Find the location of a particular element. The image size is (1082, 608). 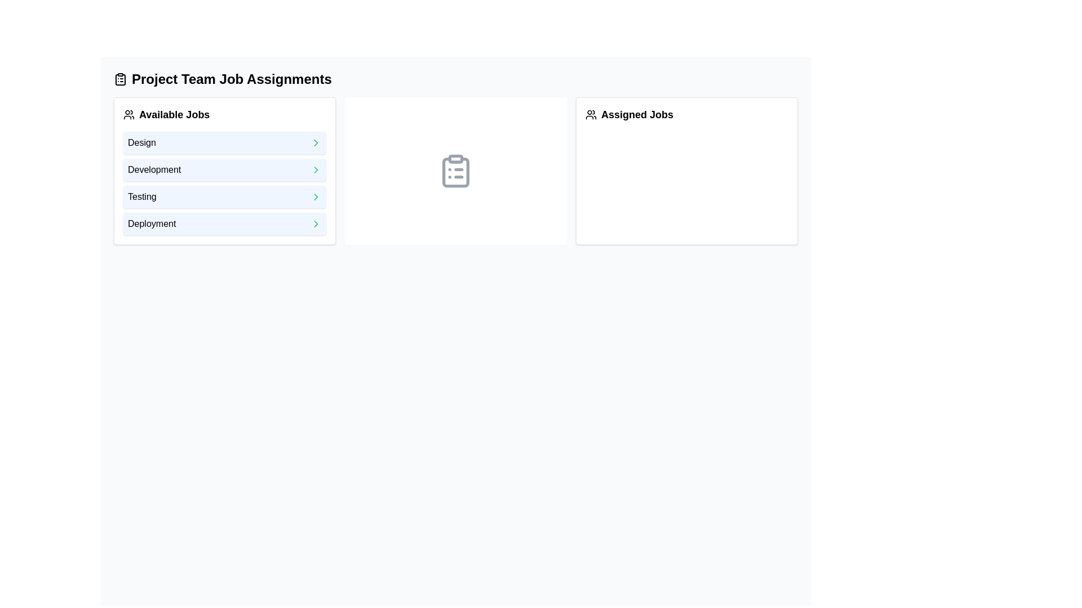

the icon representing users or groups, located to the left of the 'Assigned Jobs' title at the top-left section of the 'Assigned Jobs' card is located at coordinates (591, 115).